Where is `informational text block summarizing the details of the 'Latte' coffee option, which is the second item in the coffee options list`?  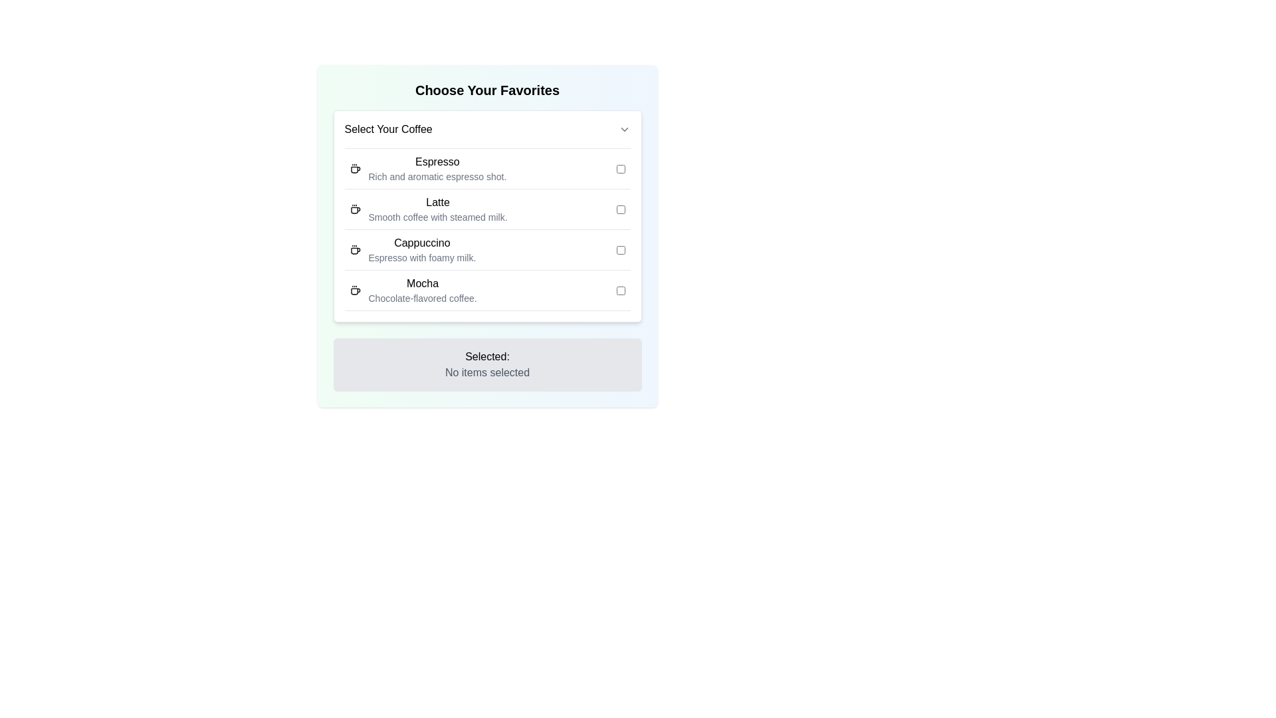 informational text block summarizing the details of the 'Latte' coffee option, which is the second item in the coffee options list is located at coordinates (429, 209).